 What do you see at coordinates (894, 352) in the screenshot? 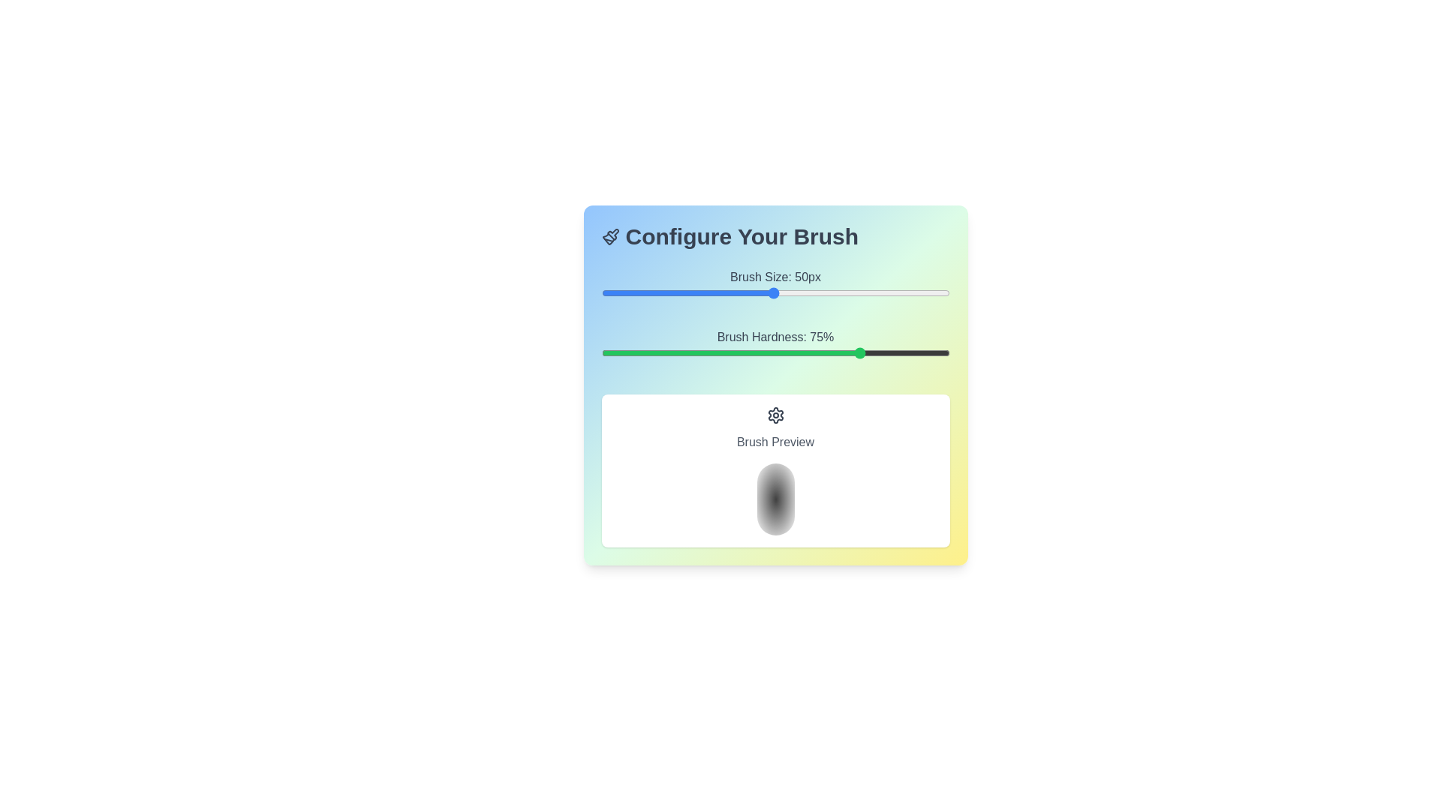
I see `the brush hardness slider to 84%` at bounding box center [894, 352].